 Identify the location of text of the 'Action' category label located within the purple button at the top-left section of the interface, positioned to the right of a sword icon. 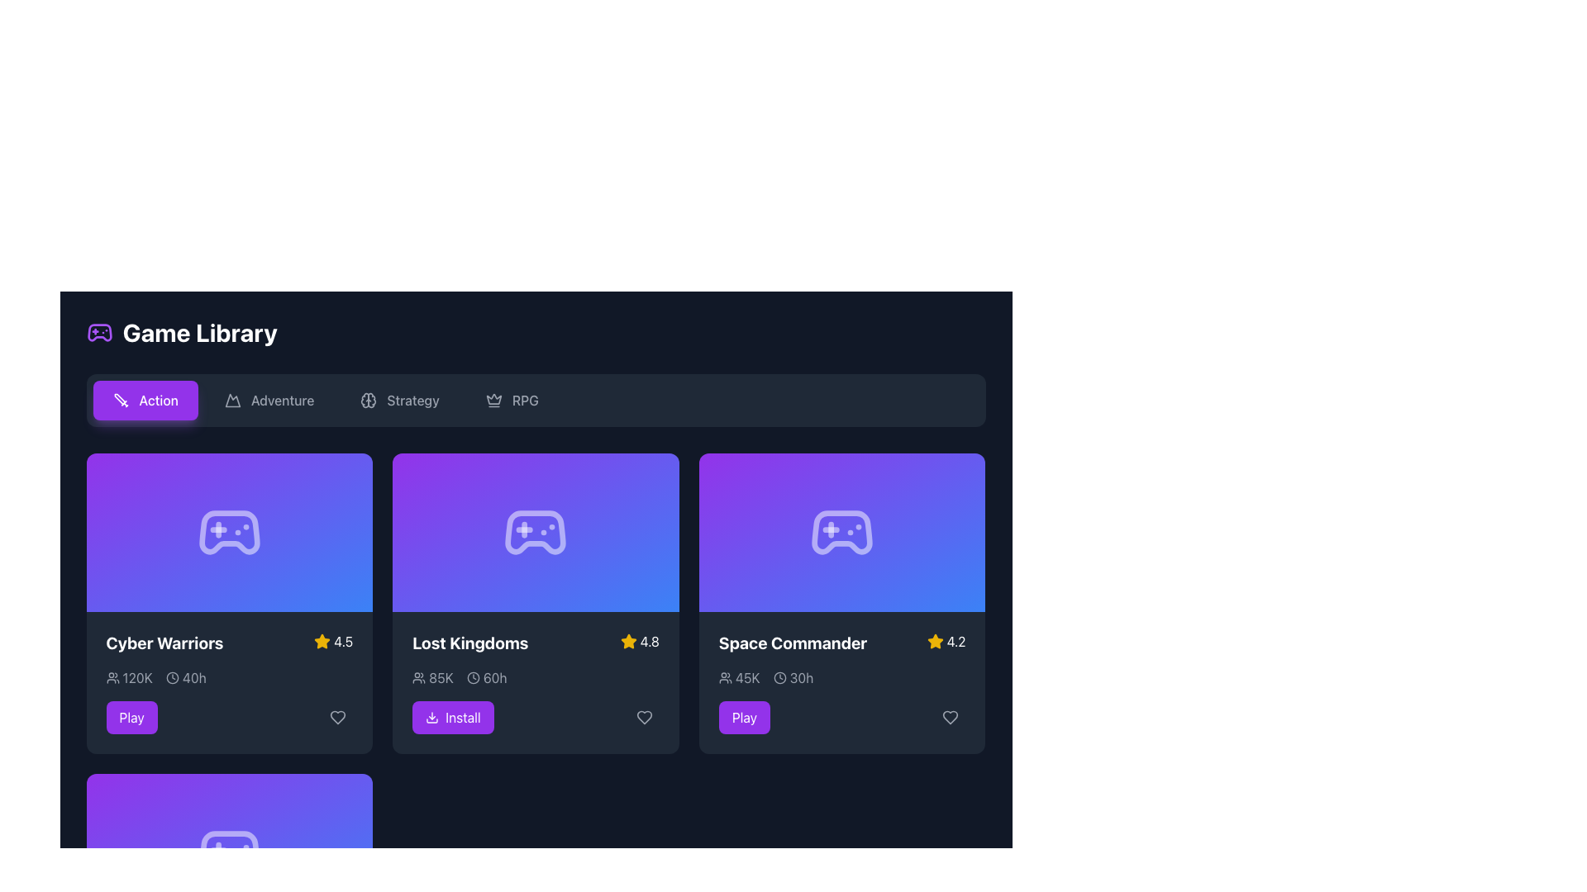
(159, 401).